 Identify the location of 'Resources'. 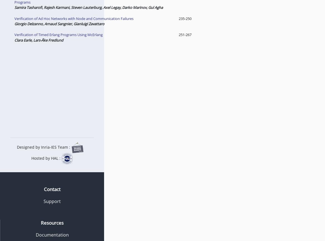
(52, 222).